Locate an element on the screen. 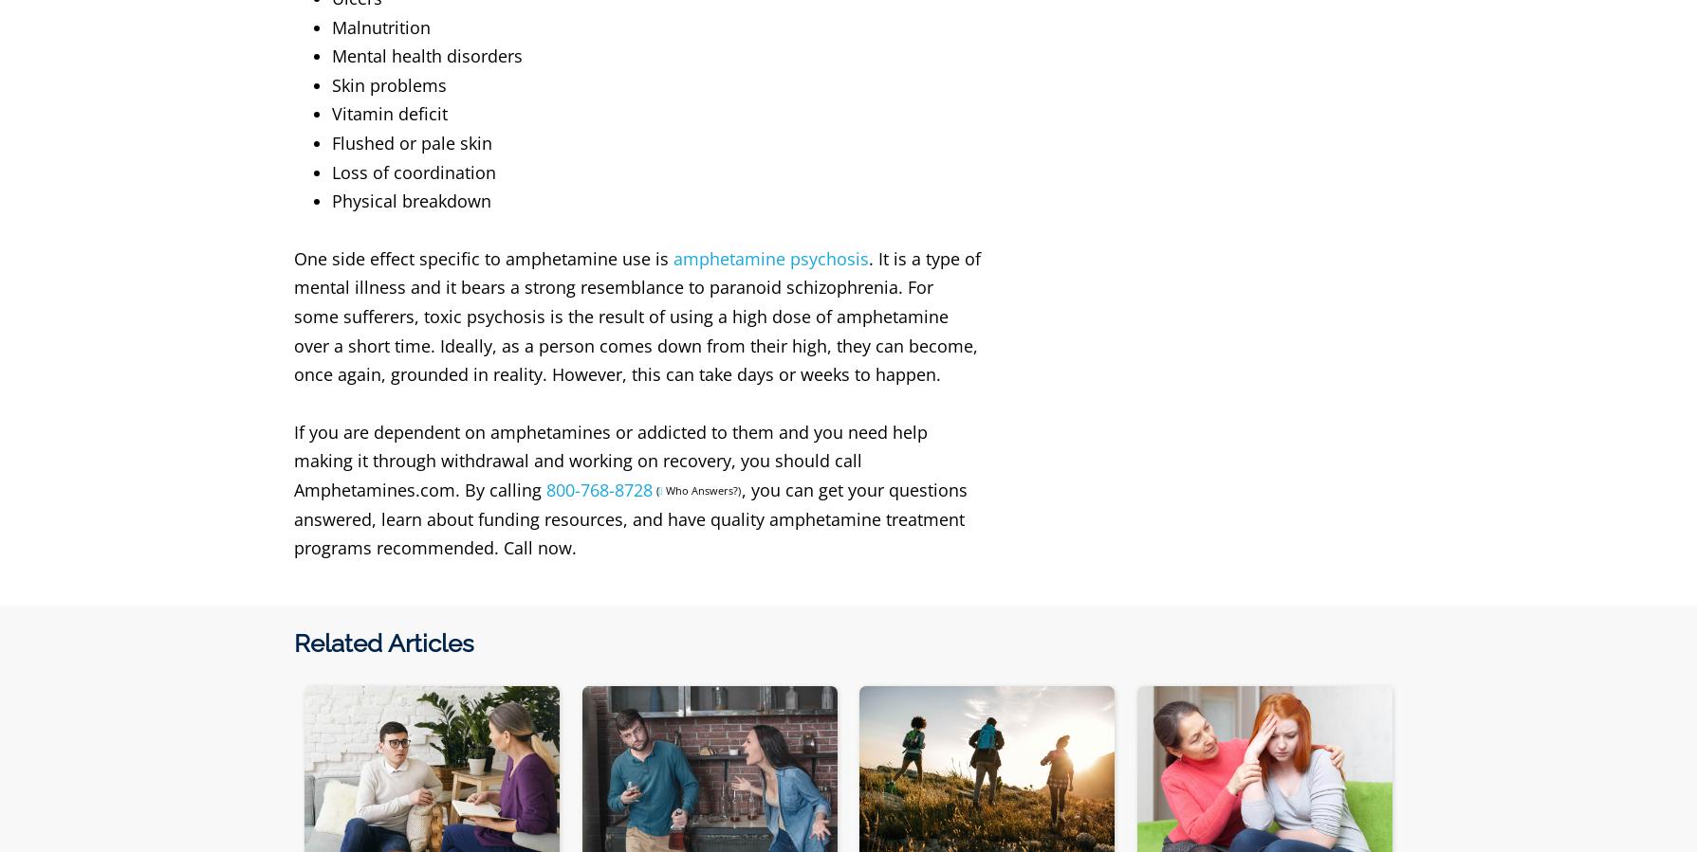  'If you are dependent on amphetamines or addicted to them and you need help making it through withdrawal and working on recovery, you should call Amphetamines.com. By calling' is located at coordinates (609, 460).